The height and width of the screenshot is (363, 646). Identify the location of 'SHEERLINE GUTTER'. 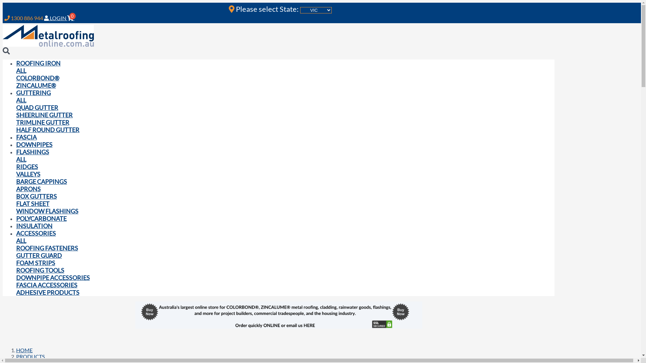
(16, 115).